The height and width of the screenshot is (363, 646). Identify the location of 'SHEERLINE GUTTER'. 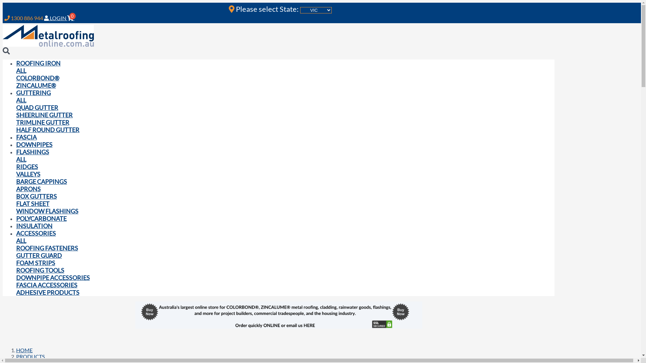
(16, 115).